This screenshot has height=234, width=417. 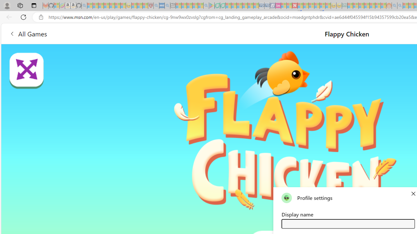 What do you see at coordinates (195, 6) in the screenshot?
I see `'Pets - MSN - Sleeping'` at bounding box center [195, 6].